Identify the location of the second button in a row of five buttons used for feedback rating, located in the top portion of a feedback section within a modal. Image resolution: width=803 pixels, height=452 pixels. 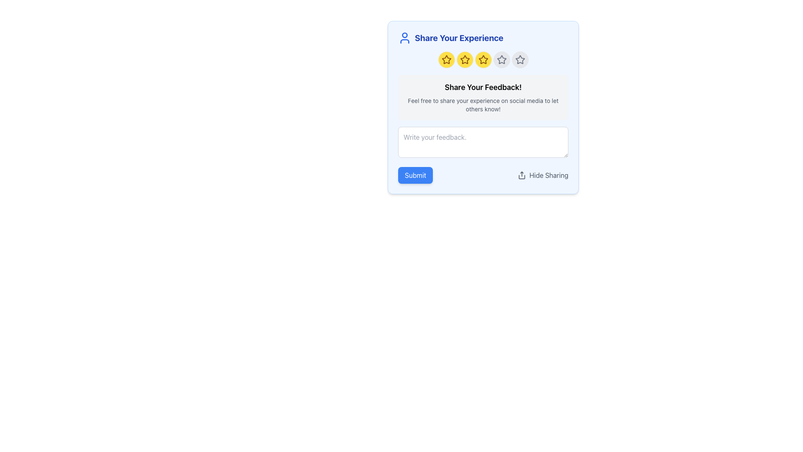
(464, 59).